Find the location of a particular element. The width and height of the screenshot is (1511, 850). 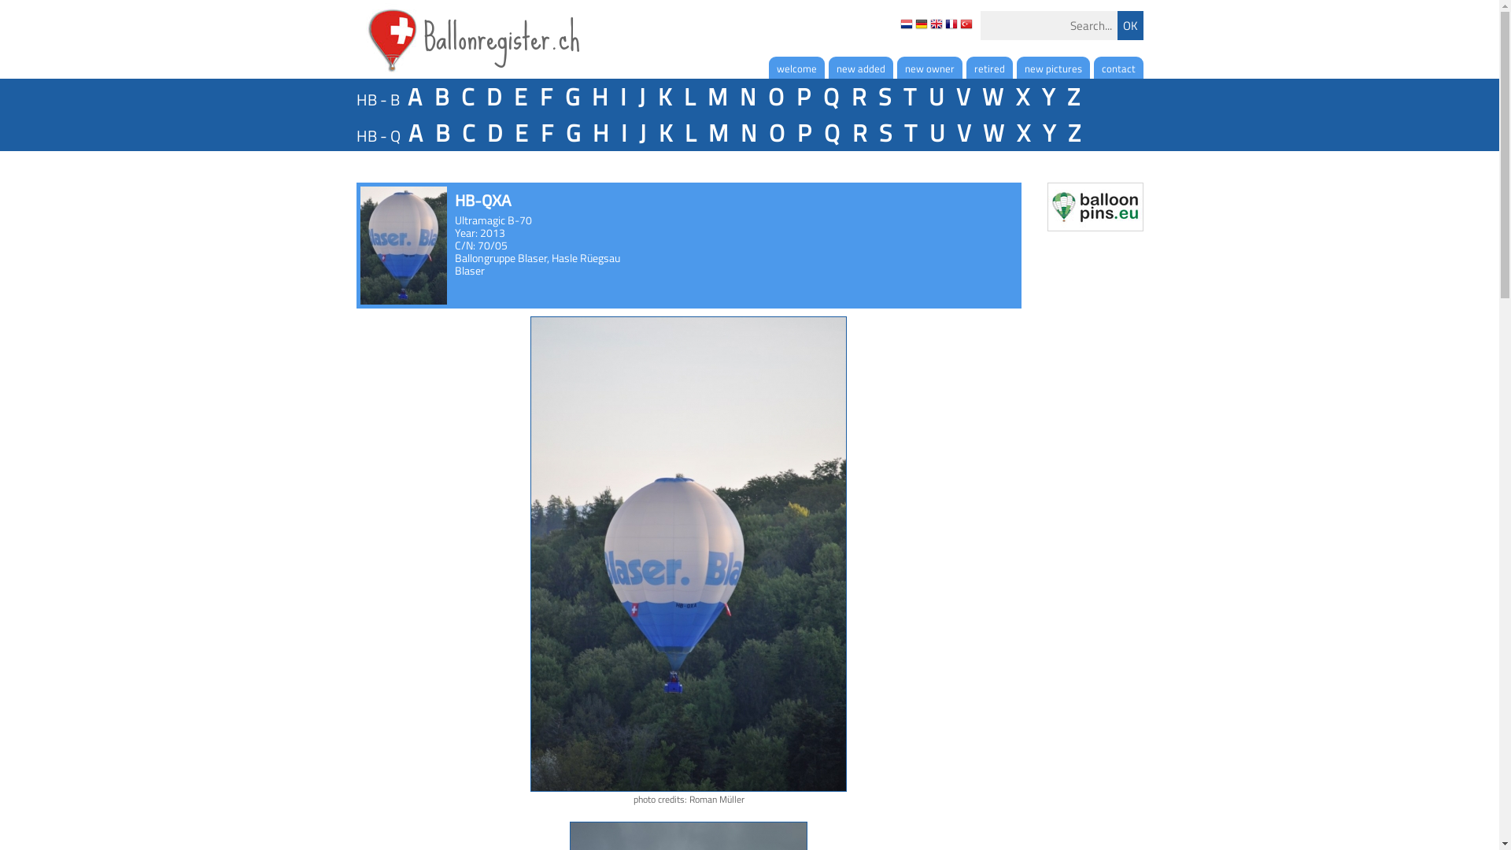

'S' is located at coordinates (872, 132).